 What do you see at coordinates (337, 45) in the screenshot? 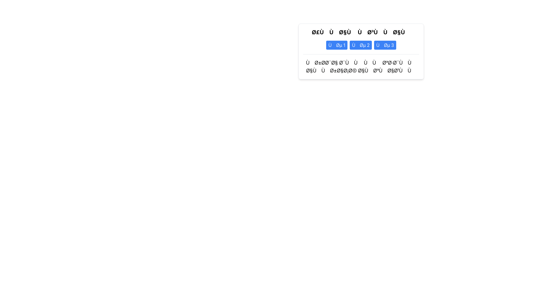
I see `the first button labeled 'Ùنص 1' located in the upper part of the interface, slightly to the right of center, which triggers a specific action` at bounding box center [337, 45].